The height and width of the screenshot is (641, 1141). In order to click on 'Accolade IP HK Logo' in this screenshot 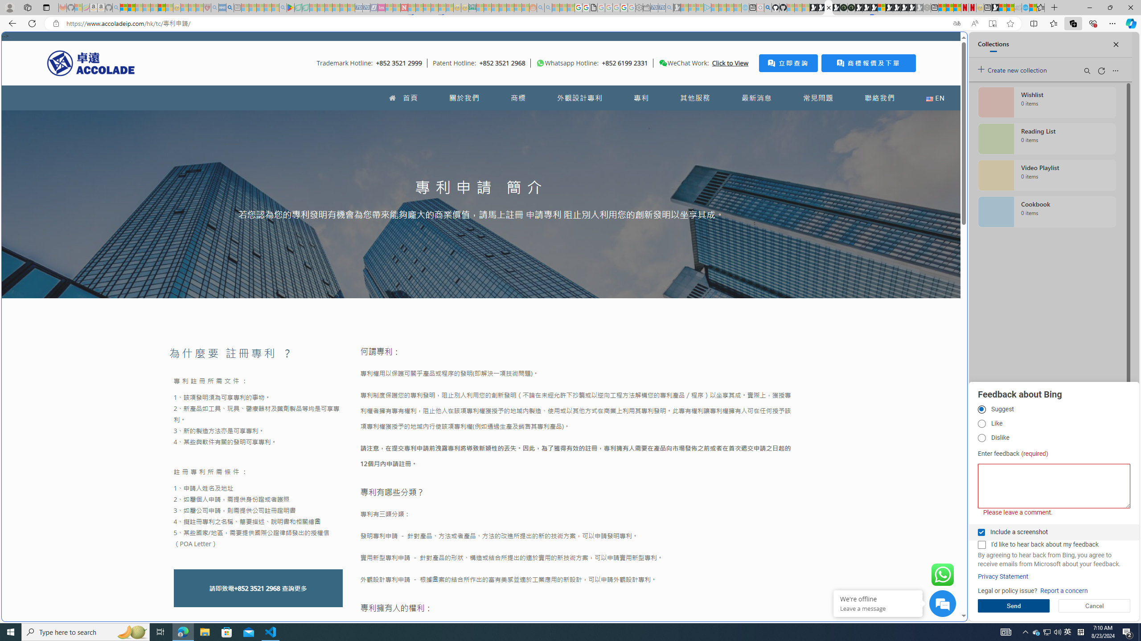, I will do `click(90, 63)`.